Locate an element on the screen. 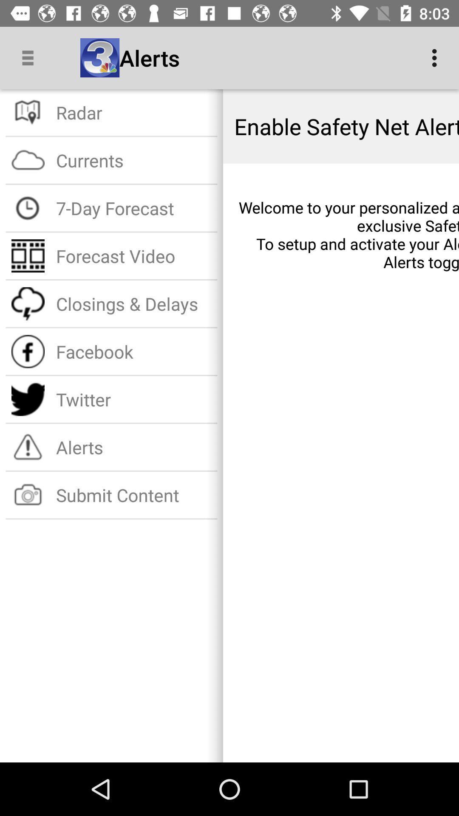  the icon above the forecast video item is located at coordinates (134, 208).